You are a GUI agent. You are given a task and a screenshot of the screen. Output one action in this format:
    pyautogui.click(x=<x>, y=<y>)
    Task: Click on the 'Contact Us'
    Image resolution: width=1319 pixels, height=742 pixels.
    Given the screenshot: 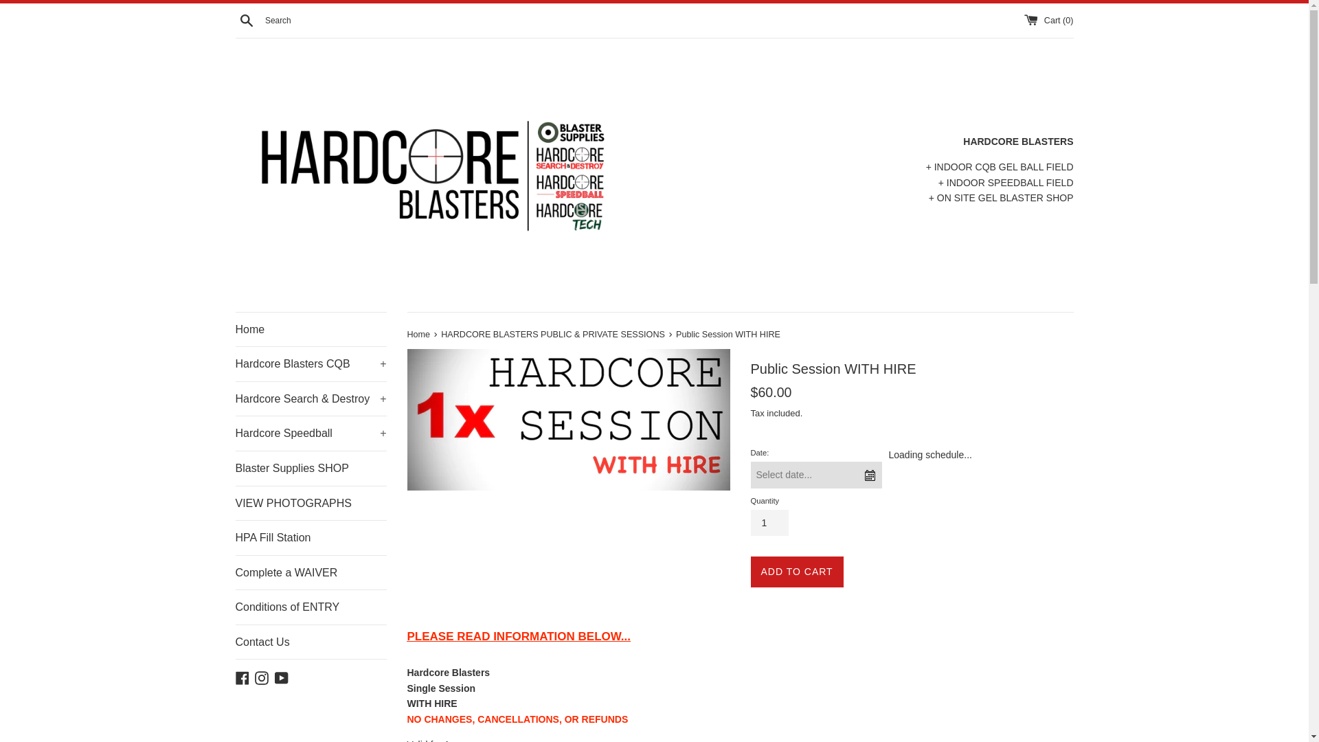 What is the action you would take?
    pyautogui.click(x=234, y=642)
    